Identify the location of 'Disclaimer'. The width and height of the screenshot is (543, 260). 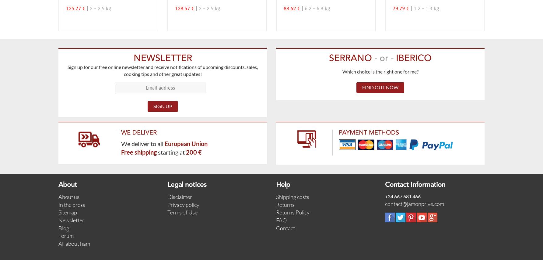
(167, 196).